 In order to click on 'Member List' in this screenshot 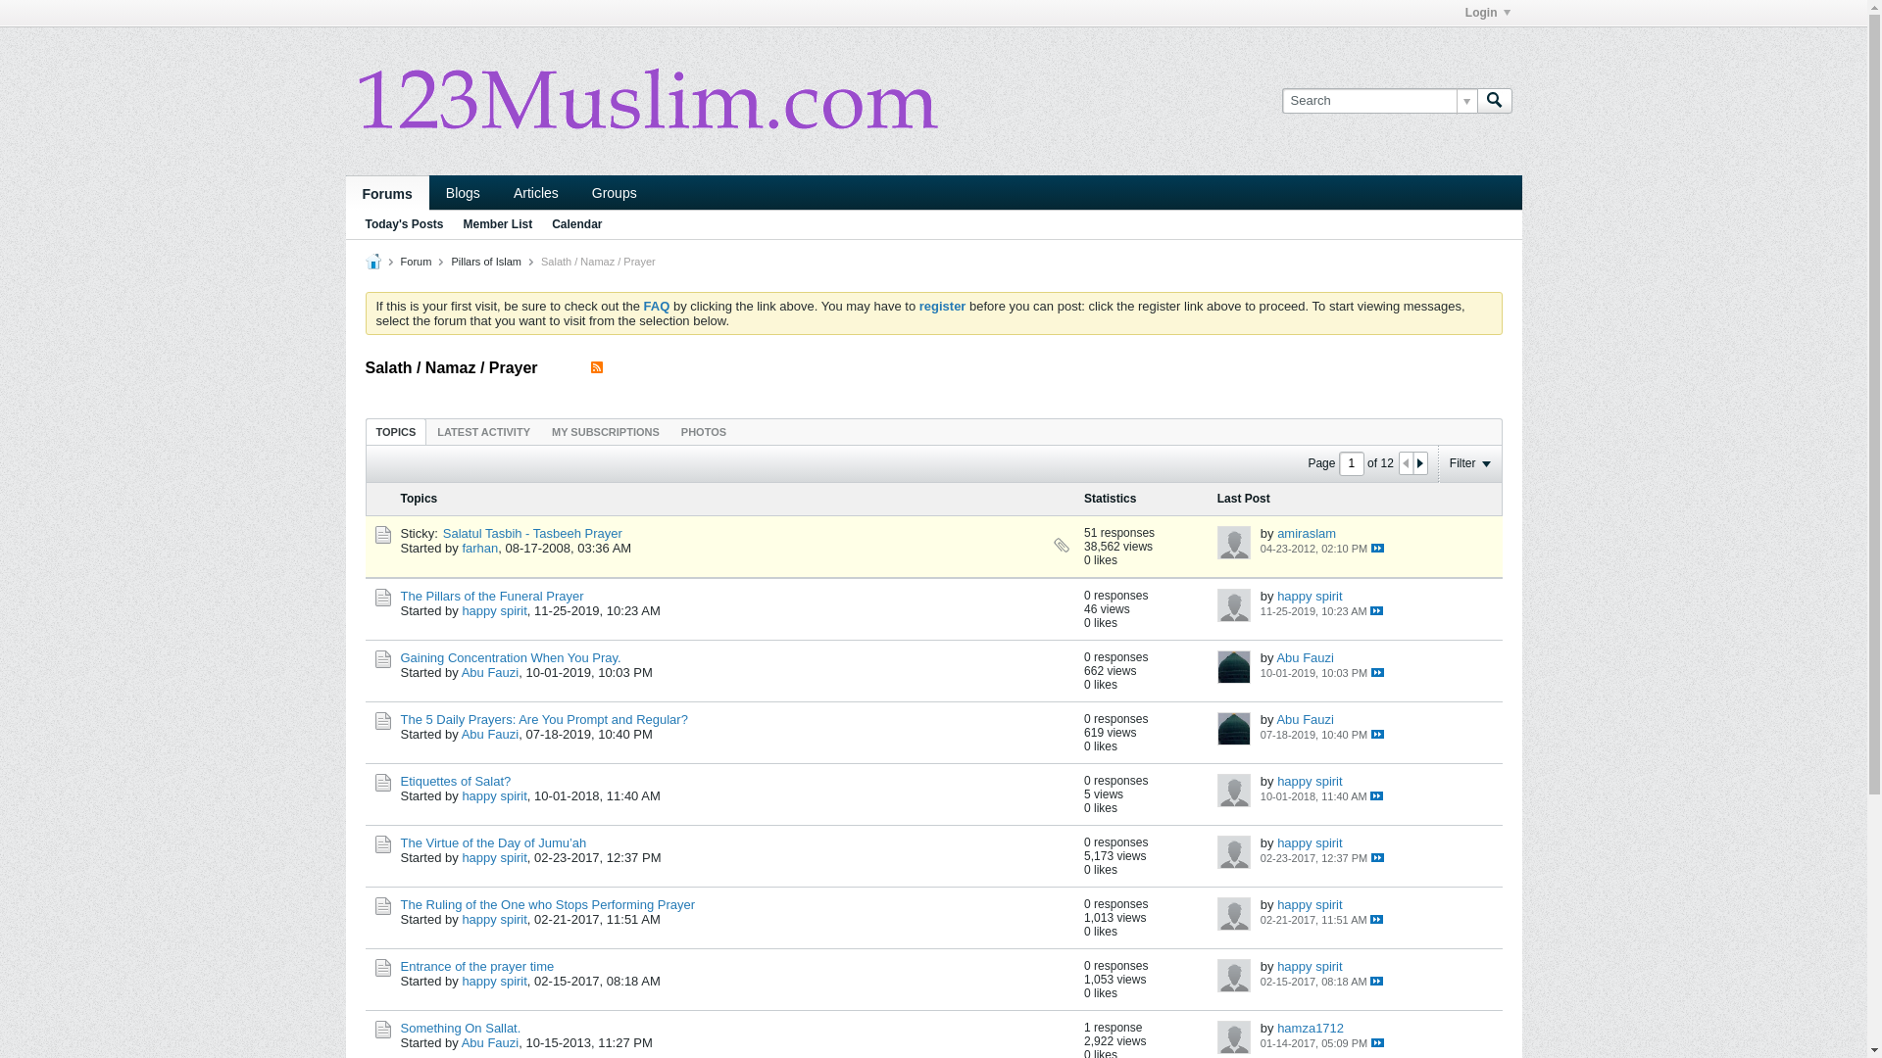, I will do `click(497, 223)`.